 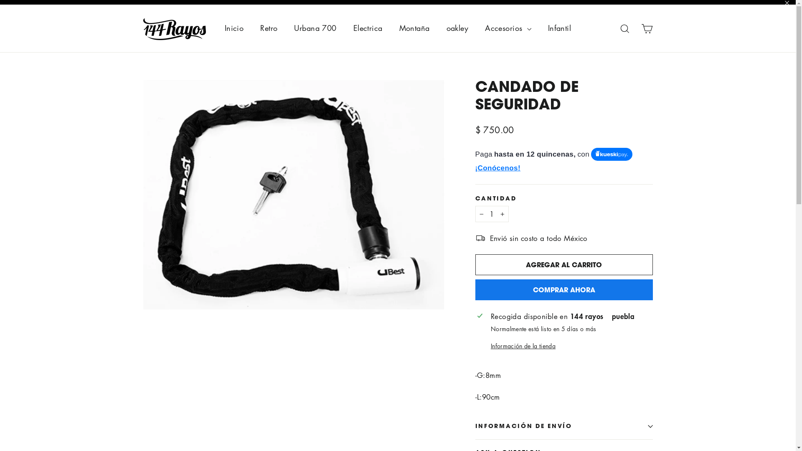 I want to click on 'Electrica', so click(x=368, y=28).